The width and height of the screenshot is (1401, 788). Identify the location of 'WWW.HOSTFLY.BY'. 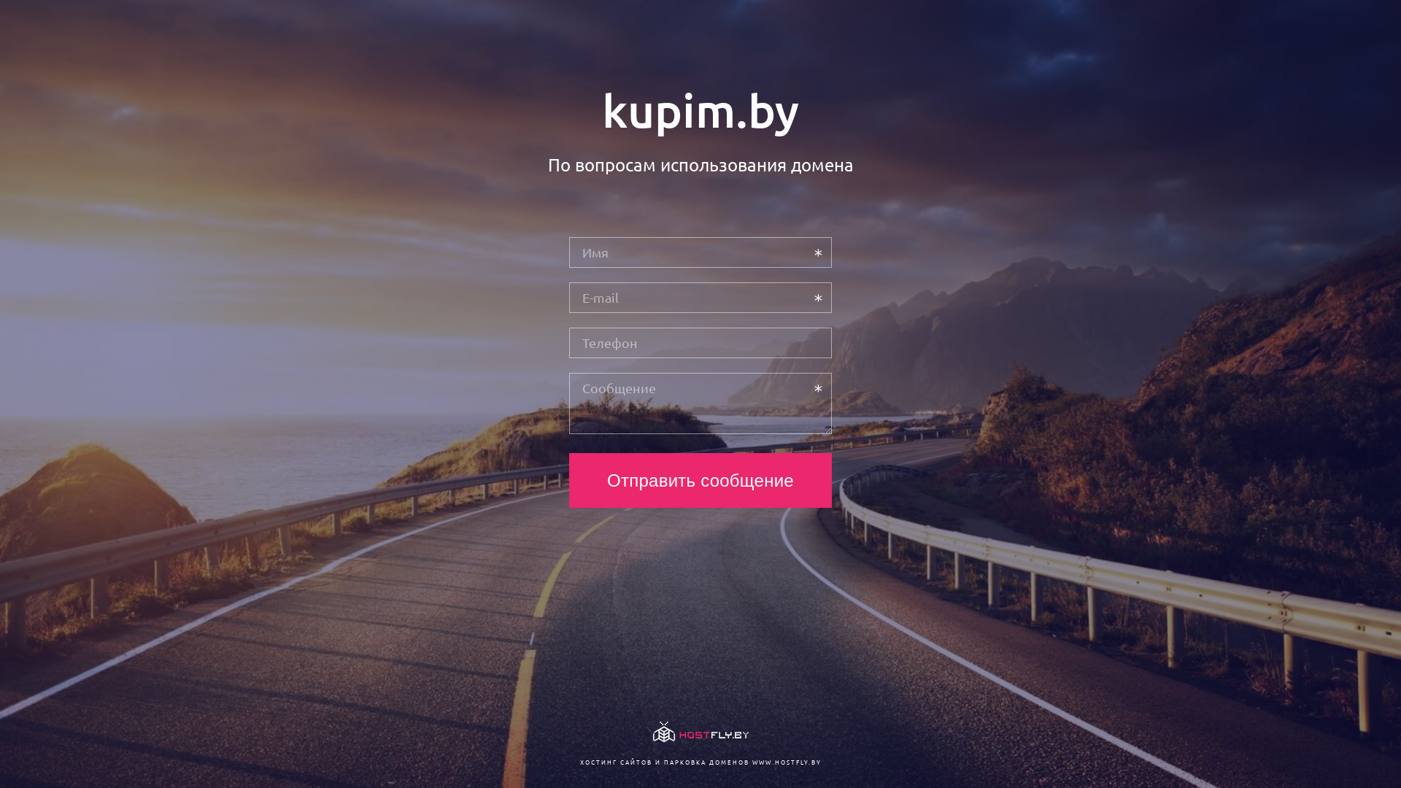
(785, 761).